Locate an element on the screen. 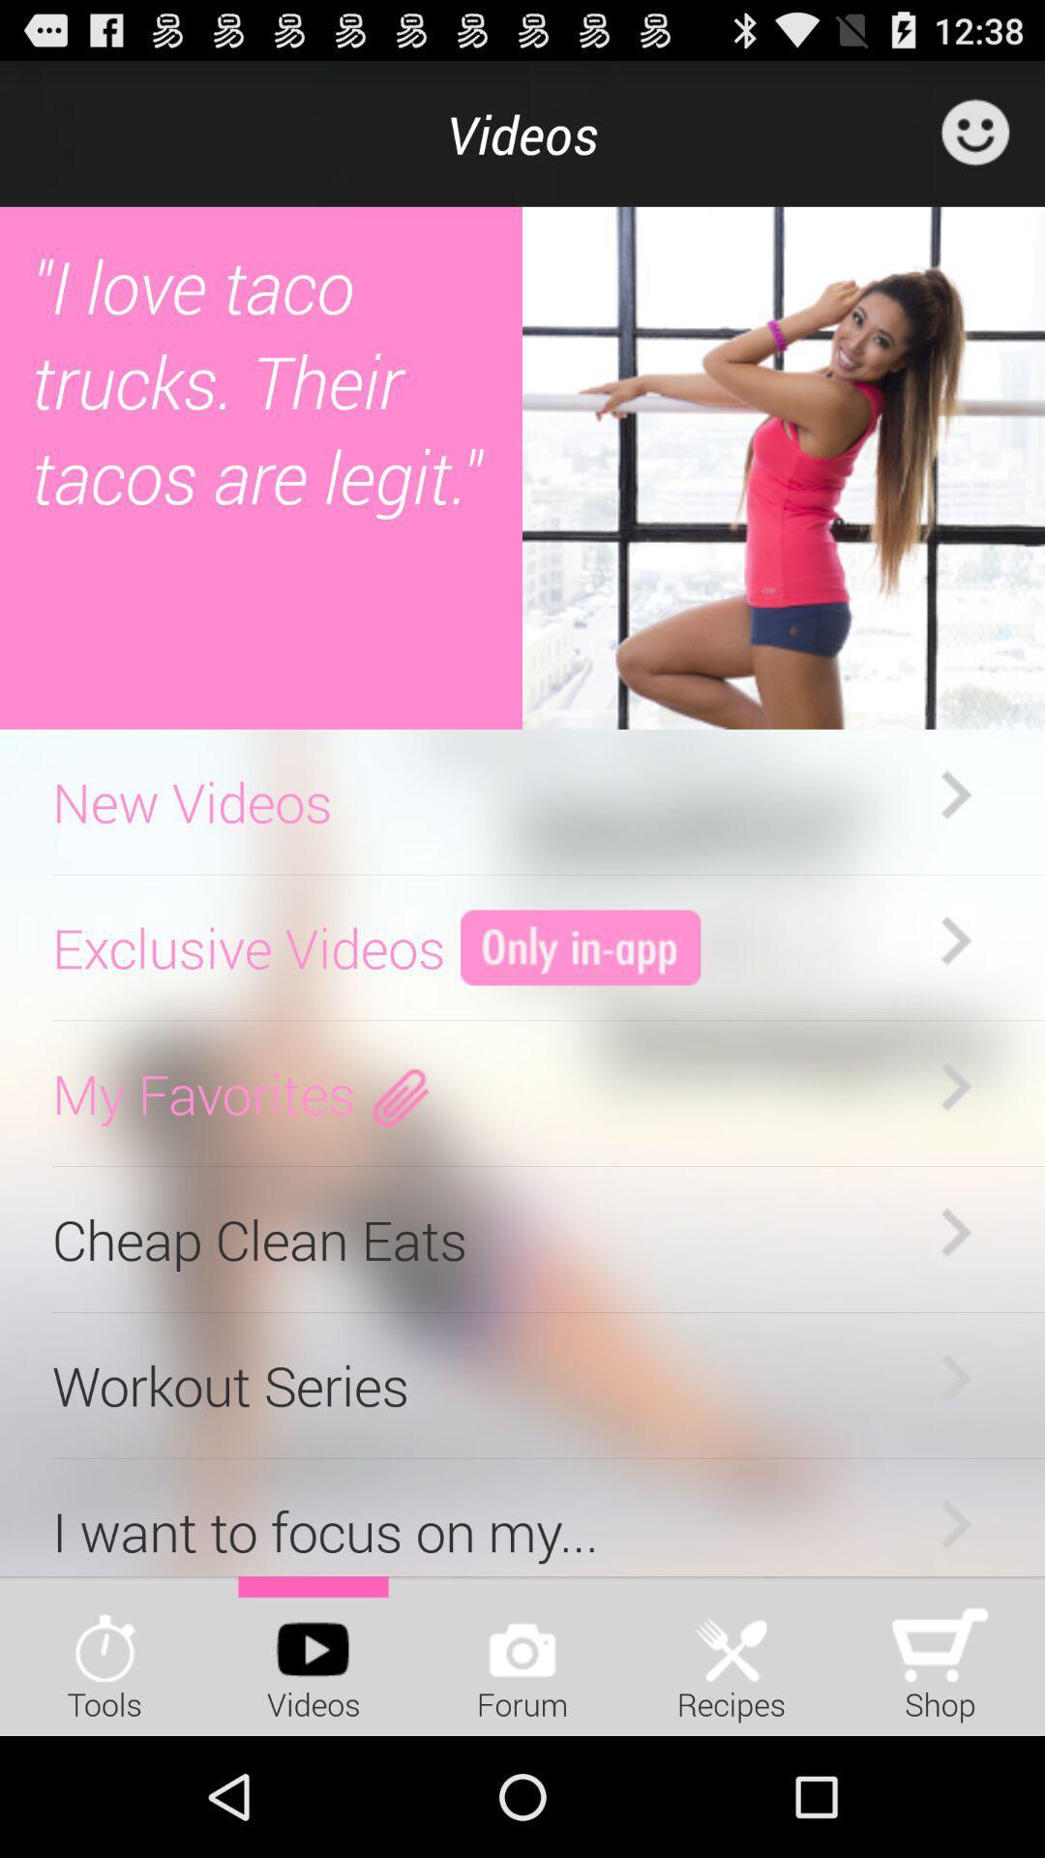  second right arrow is located at coordinates (954, 943).